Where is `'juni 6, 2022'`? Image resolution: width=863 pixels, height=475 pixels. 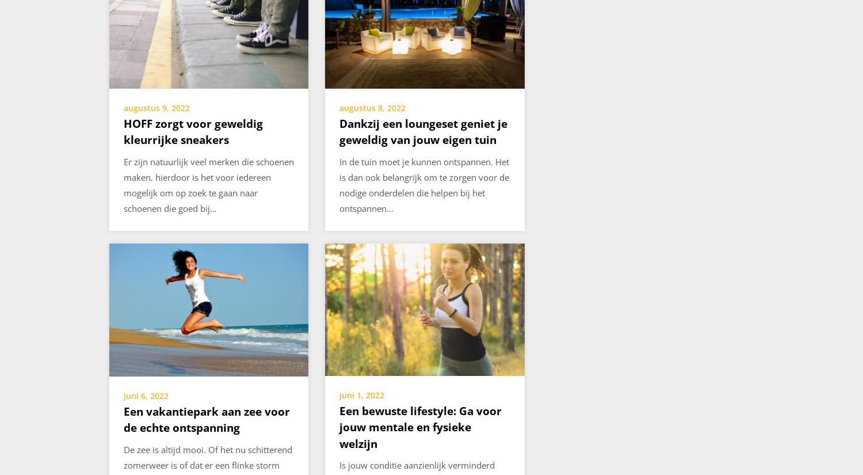
'juni 6, 2022' is located at coordinates (146, 395).